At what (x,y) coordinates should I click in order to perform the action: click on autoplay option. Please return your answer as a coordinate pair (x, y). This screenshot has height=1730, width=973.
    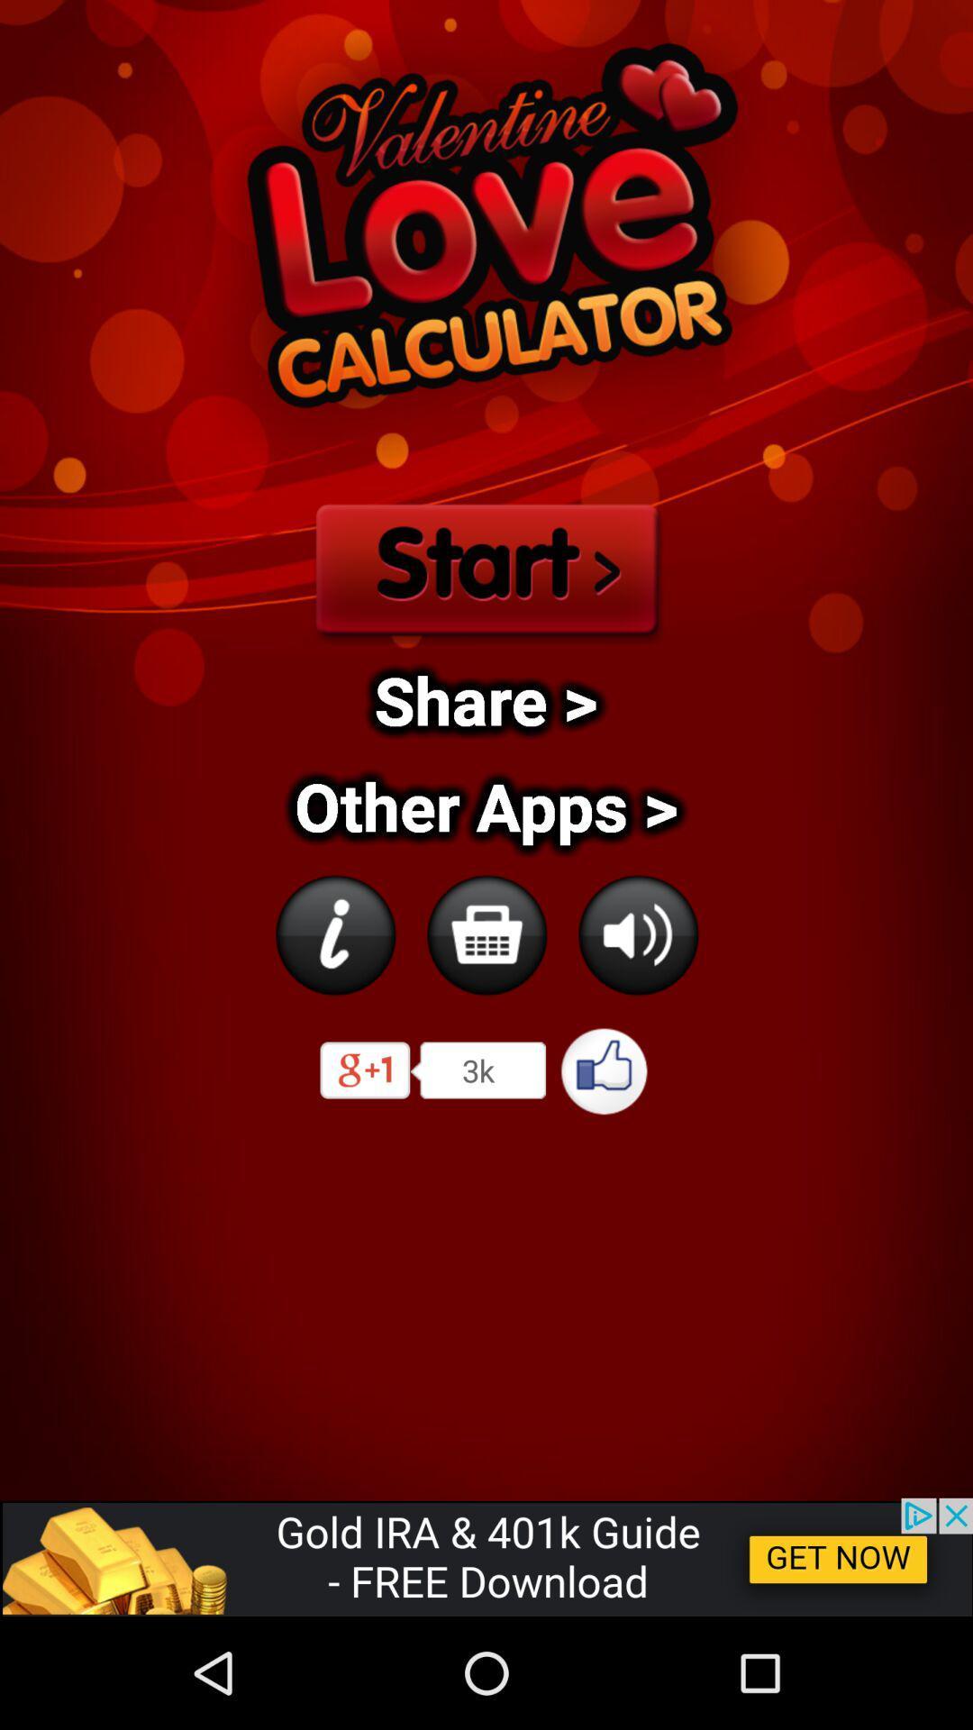
    Looking at the image, I should click on (334, 934).